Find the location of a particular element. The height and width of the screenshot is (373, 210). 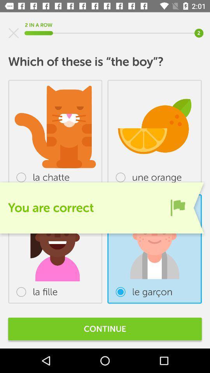

stop is located at coordinates (14, 33).